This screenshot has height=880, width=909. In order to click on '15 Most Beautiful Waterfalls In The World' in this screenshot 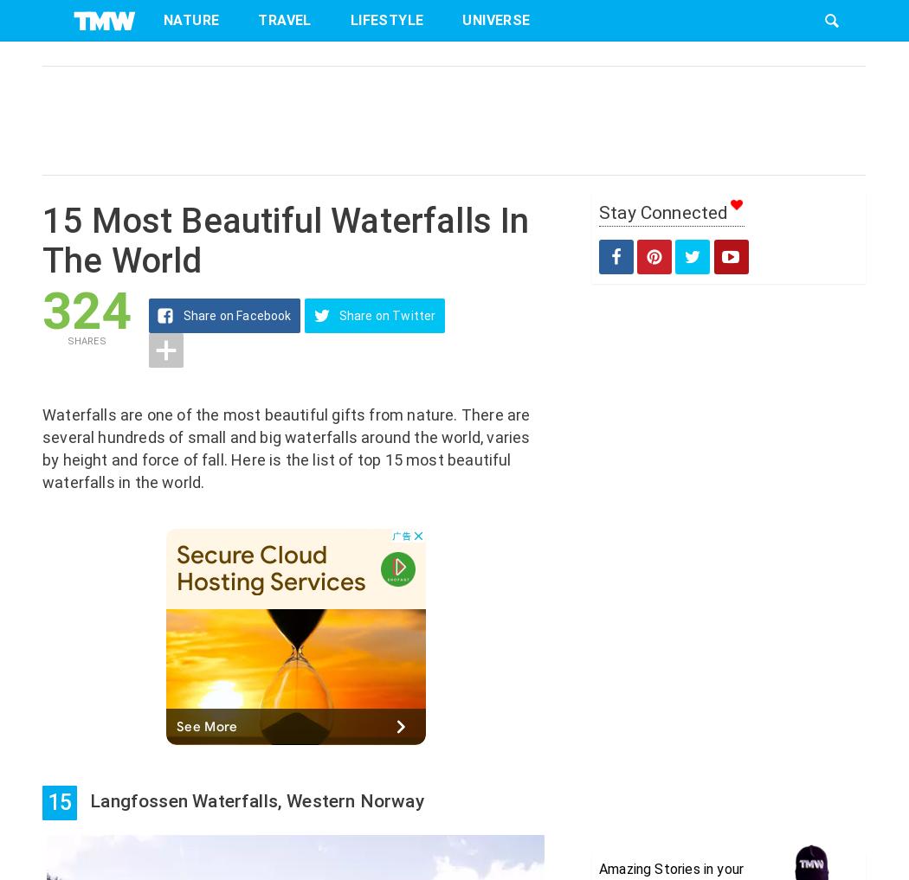, I will do `click(286, 240)`.